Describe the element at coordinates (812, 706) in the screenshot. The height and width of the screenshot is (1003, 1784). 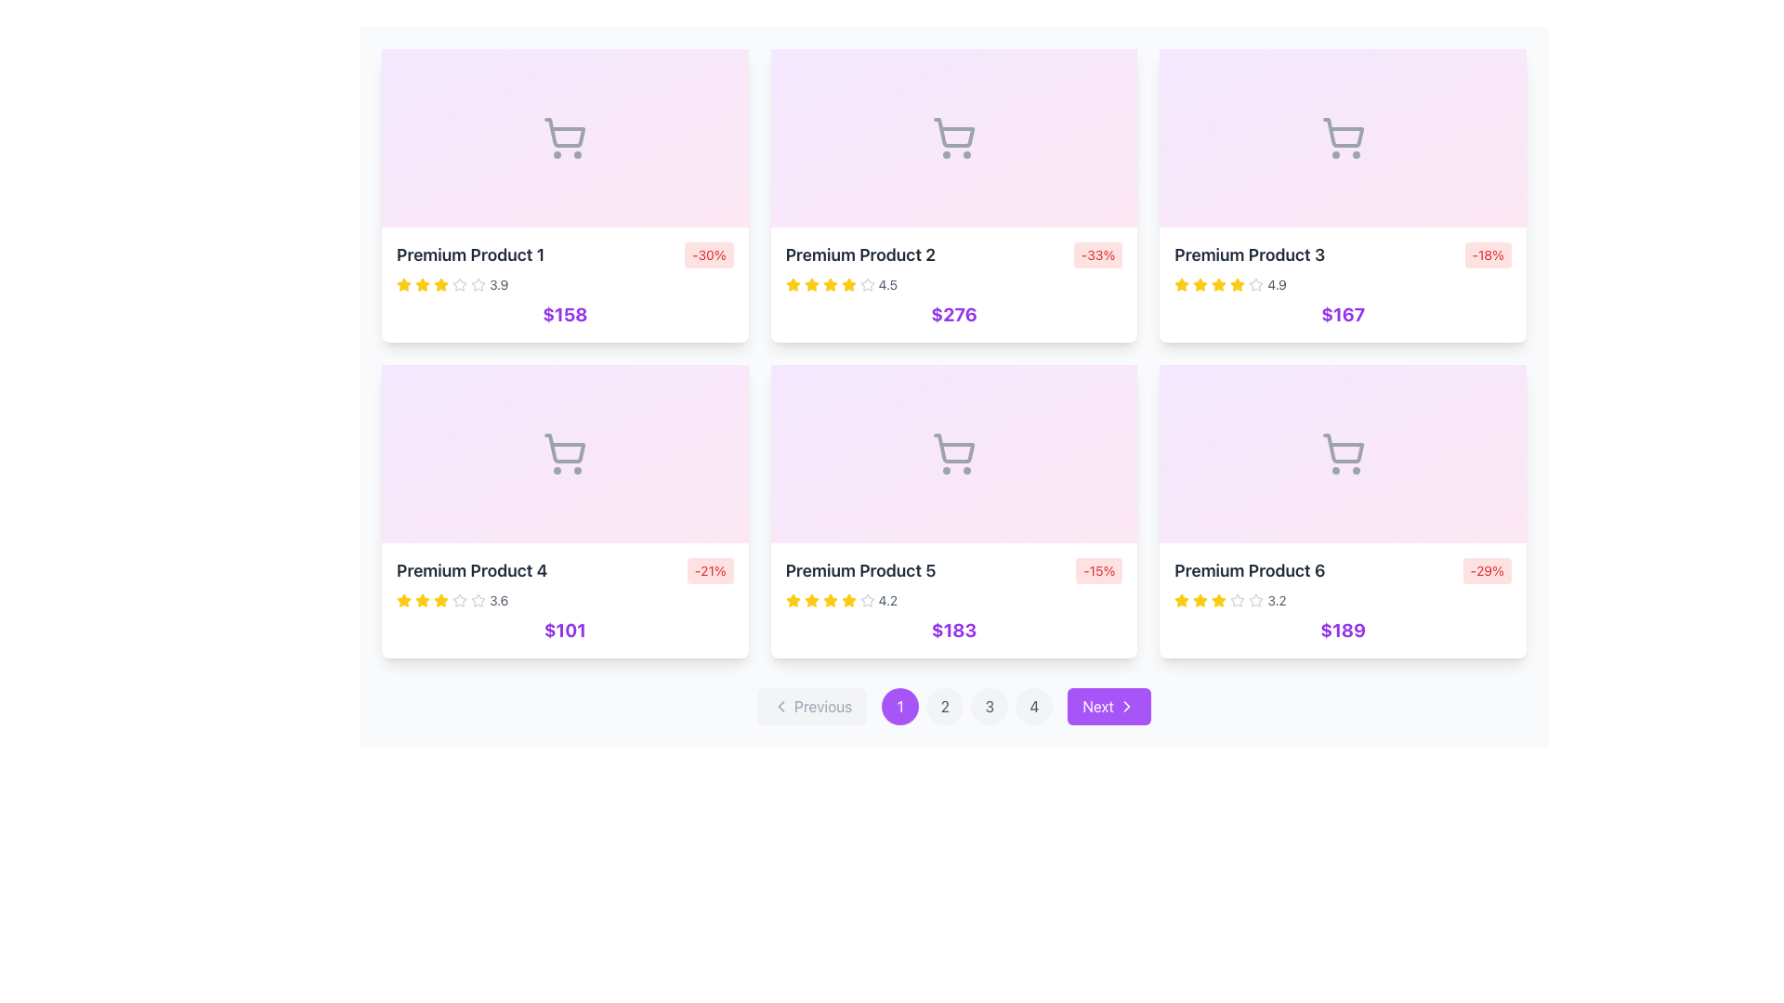
I see `the 'Previous' button, which is a rectangular button with a light gray background and rounded corners, featuring gray text and a leftward-pointing arrow icon, located at the bottom left of the navigation controls` at that location.